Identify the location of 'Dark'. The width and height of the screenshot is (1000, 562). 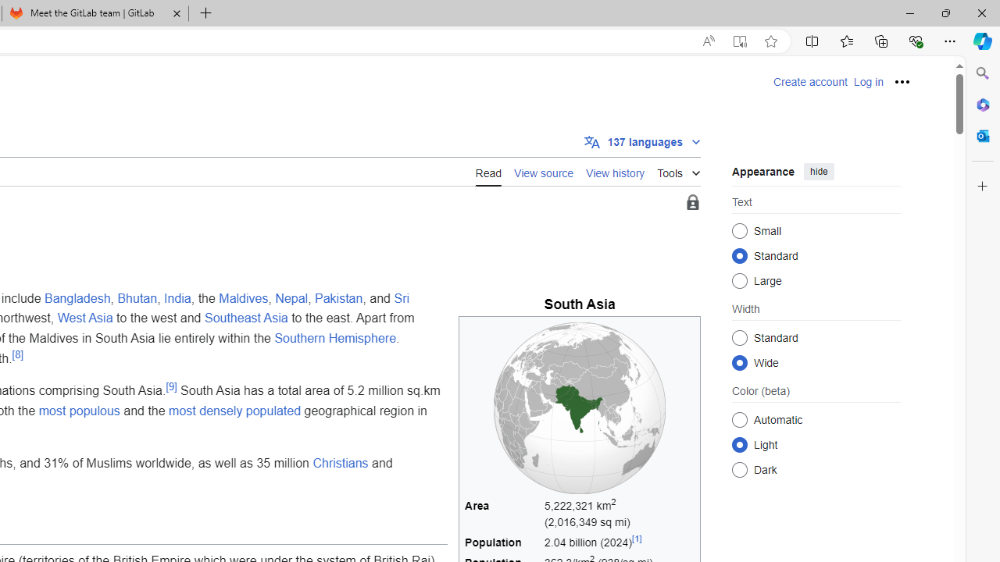
(739, 468).